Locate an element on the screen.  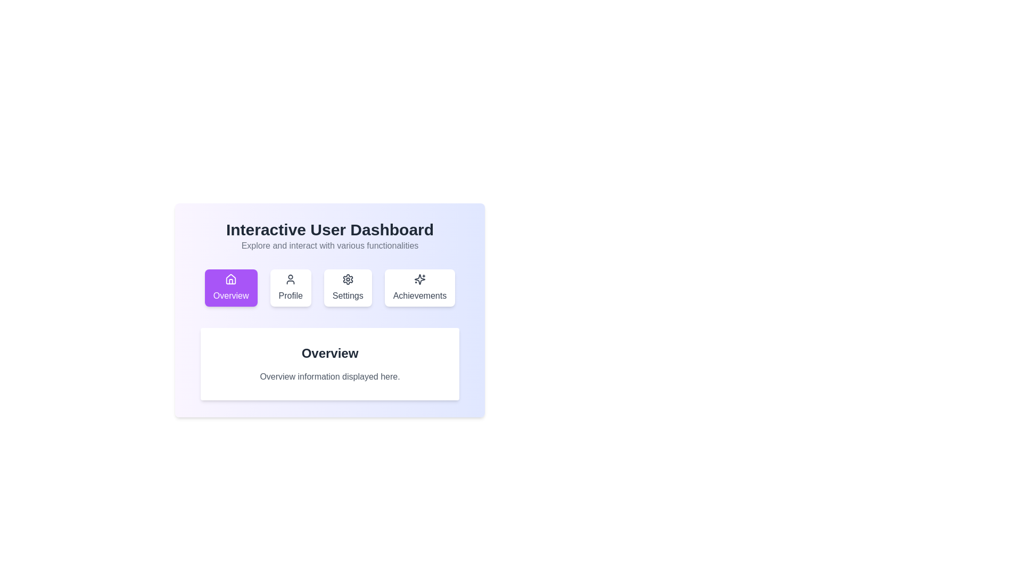
the 'Profile' button, which is styled with a white background, rounded corners, and contains a user icon with the label 'Profile' in gray font is located at coordinates (291, 287).